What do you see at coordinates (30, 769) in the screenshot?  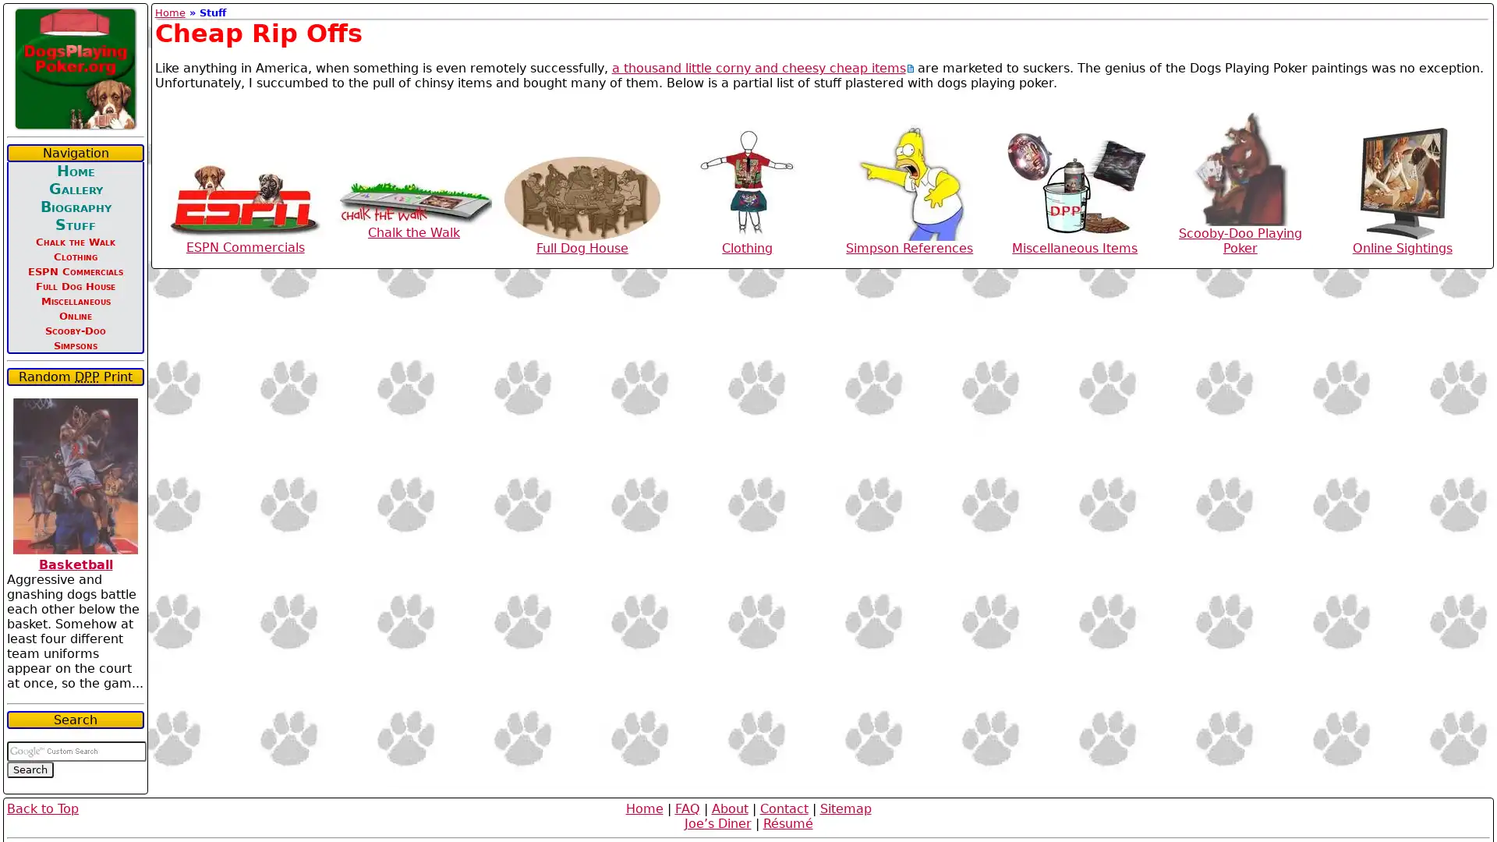 I see `Search` at bounding box center [30, 769].